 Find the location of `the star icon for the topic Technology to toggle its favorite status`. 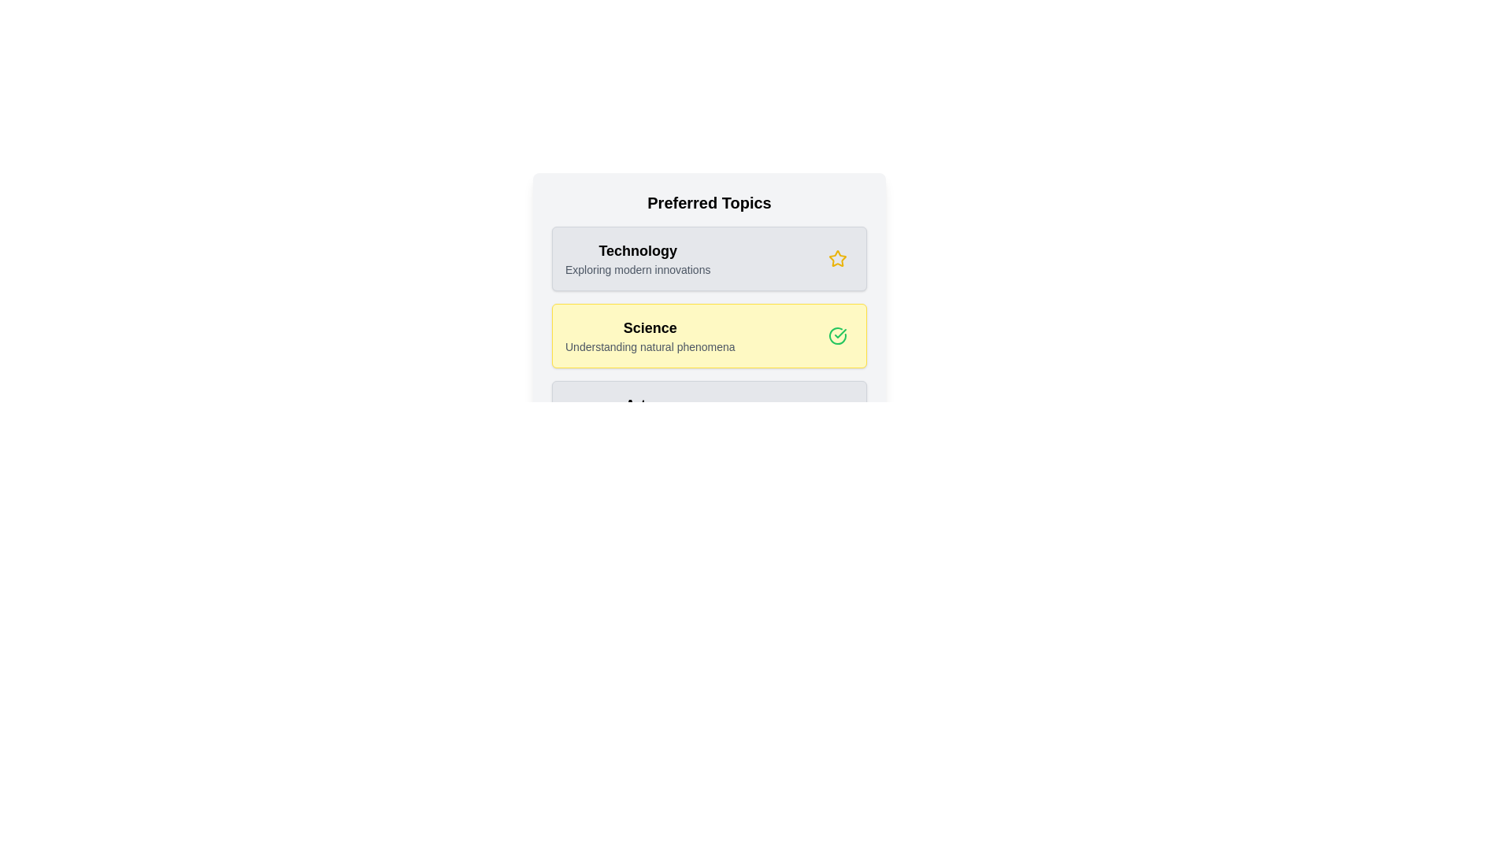

the star icon for the topic Technology to toggle its favorite status is located at coordinates (837, 257).